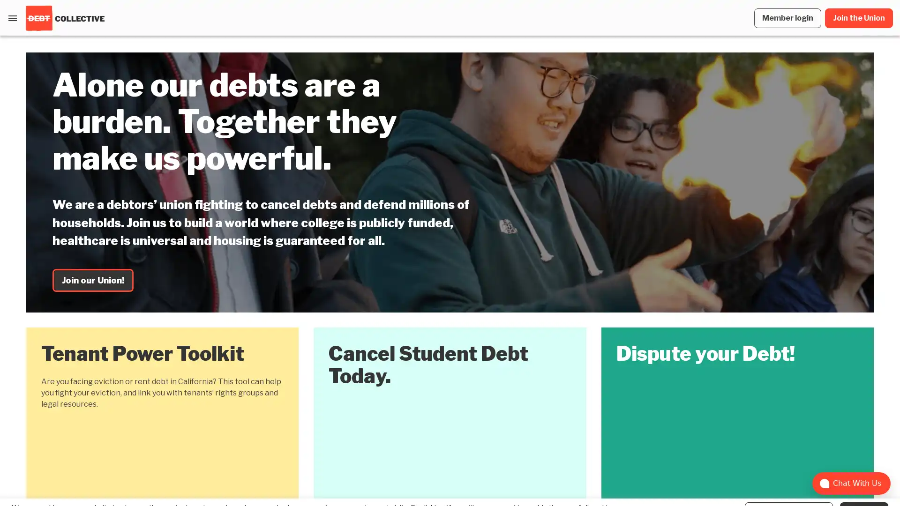 The width and height of the screenshot is (900, 506). Describe the element at coordinates (13, 18) in the screenshot. I see `menu` at that location.